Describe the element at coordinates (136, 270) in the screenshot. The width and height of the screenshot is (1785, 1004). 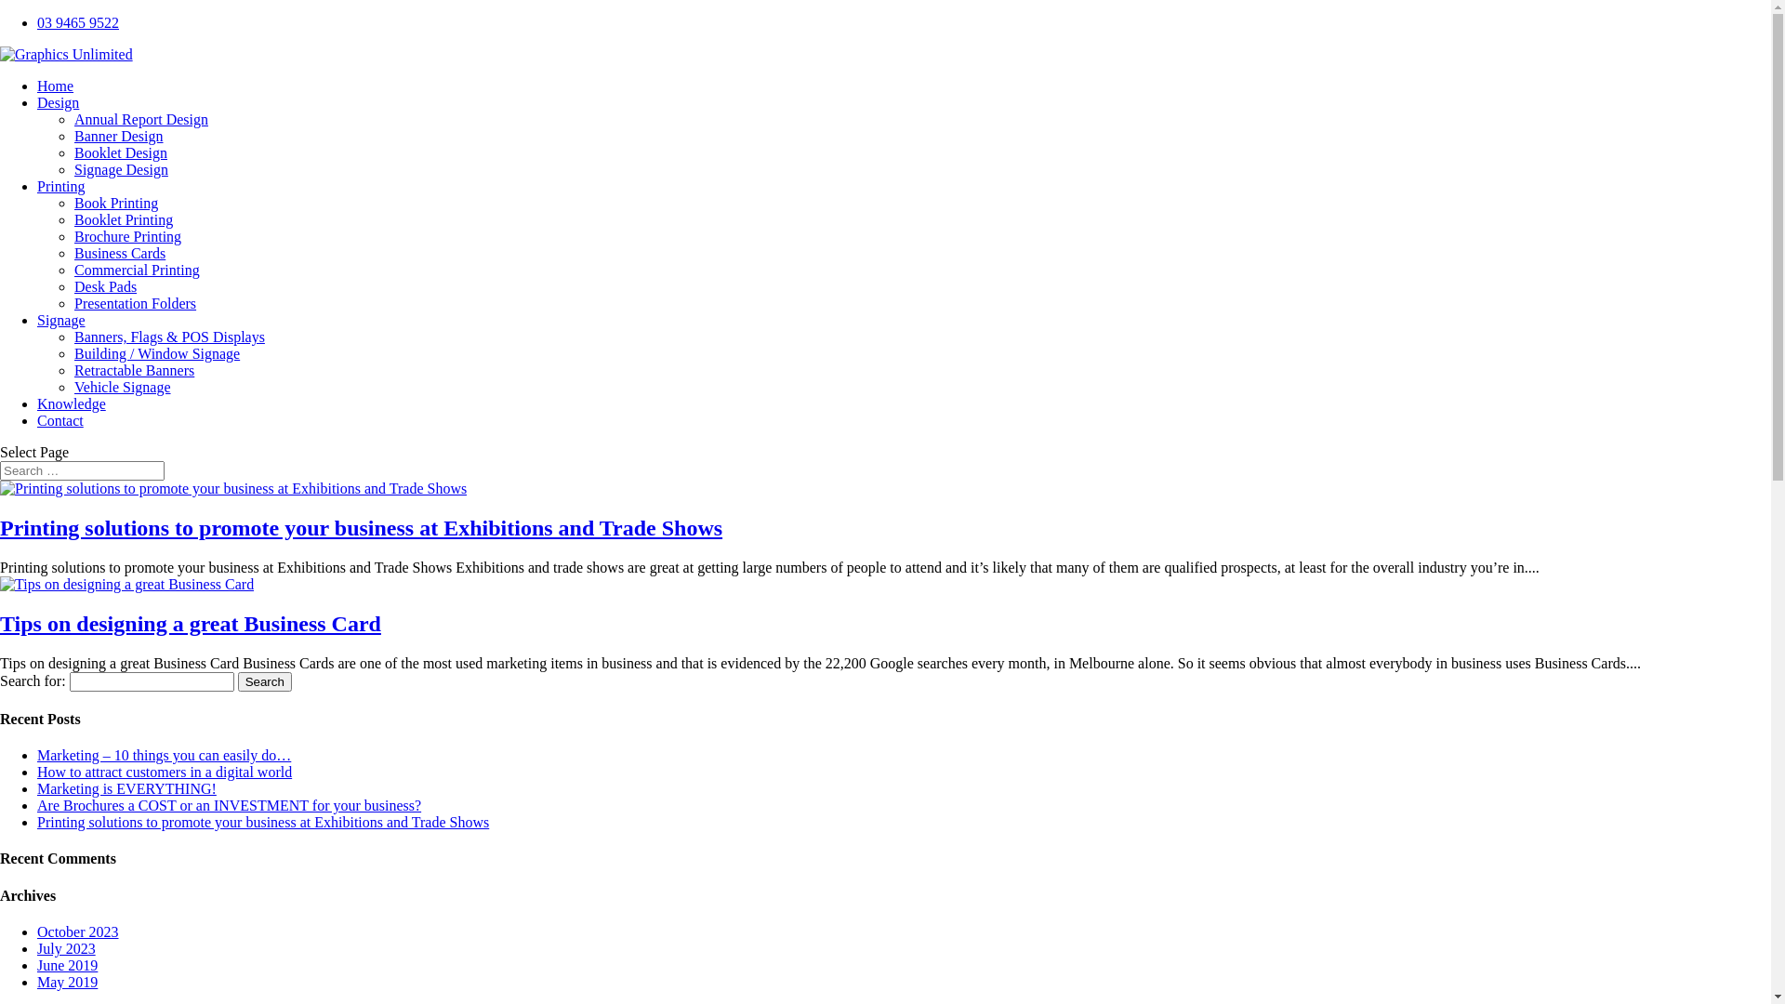
I see `'Commercial Printing'` at that location.